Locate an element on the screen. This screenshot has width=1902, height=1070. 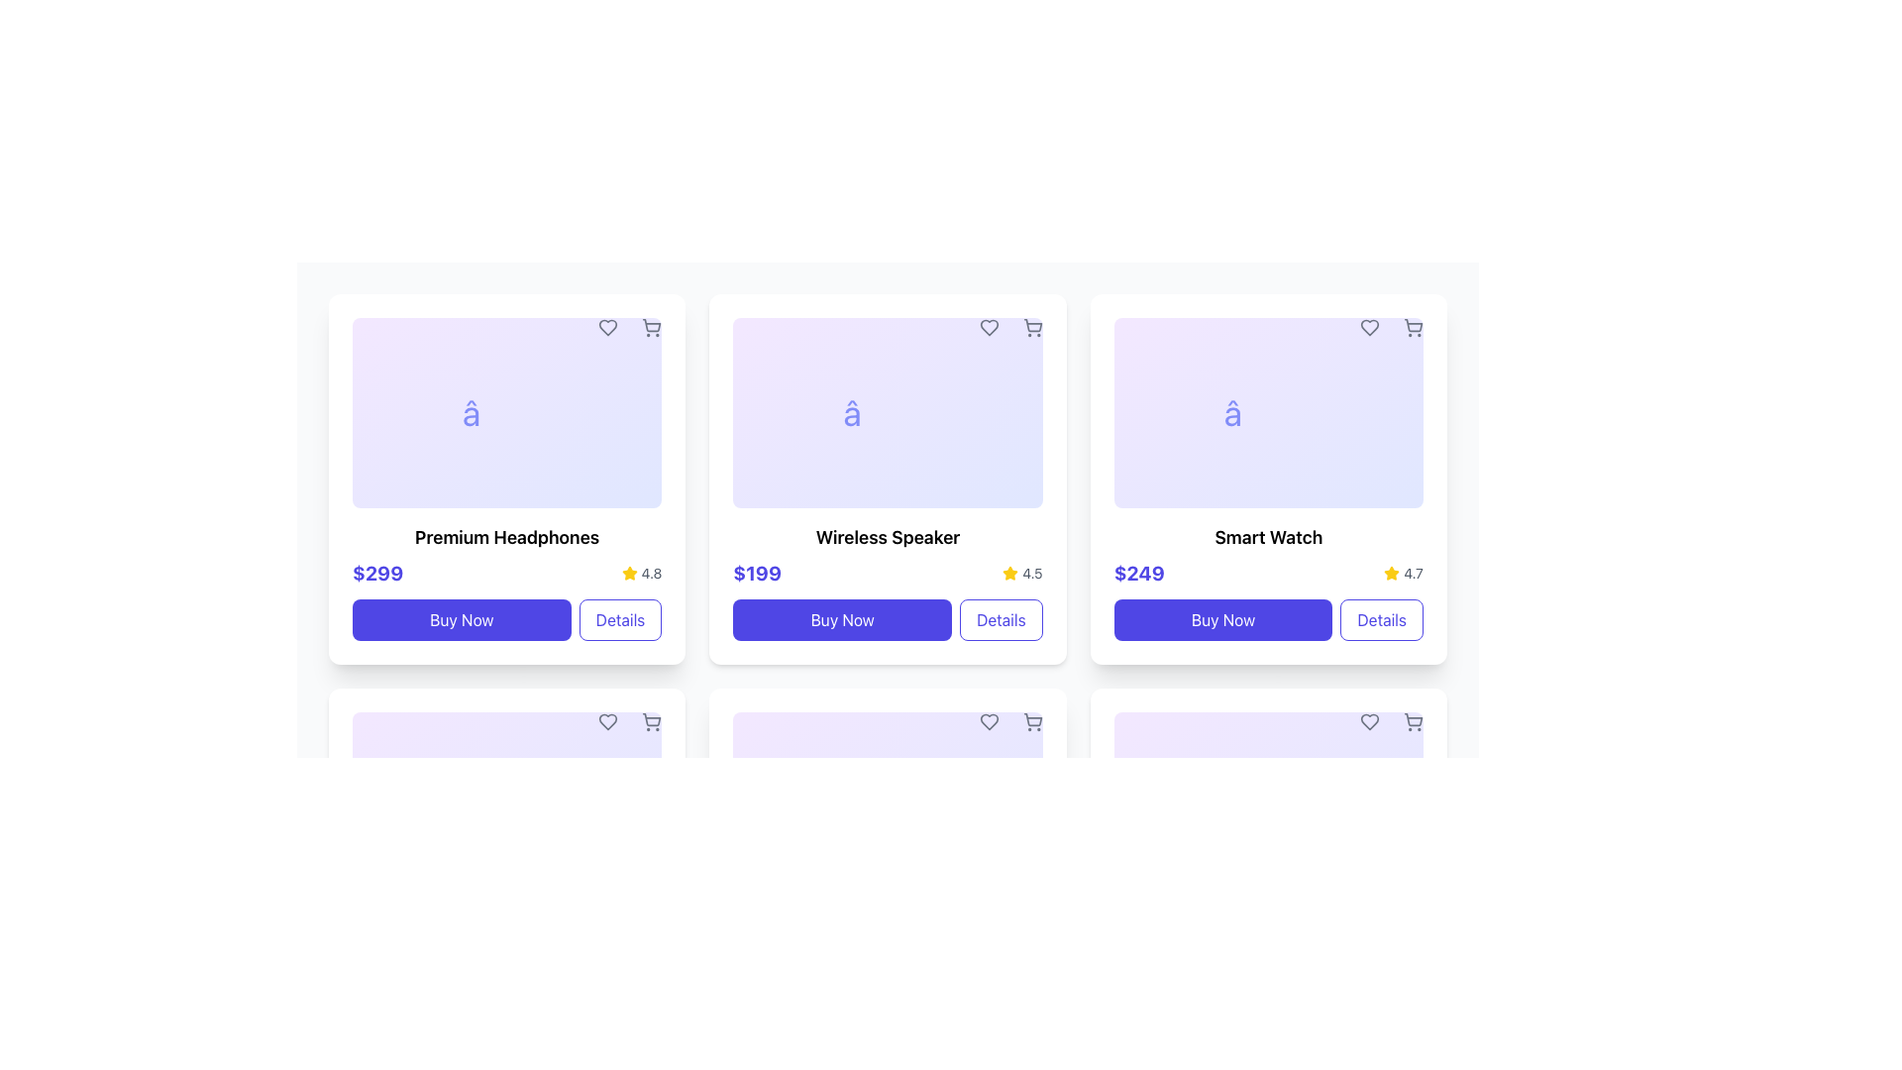
the heart icon located at the top-right corner of the 'Wireless Speaker' product card is located at coordinates (989, 327).